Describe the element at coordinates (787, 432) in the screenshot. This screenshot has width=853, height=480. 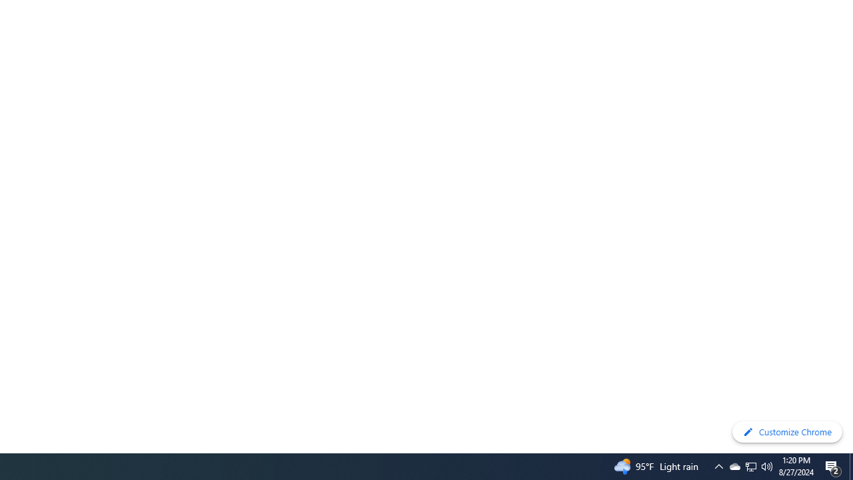
I see `'Customize Chrome'` at that location.